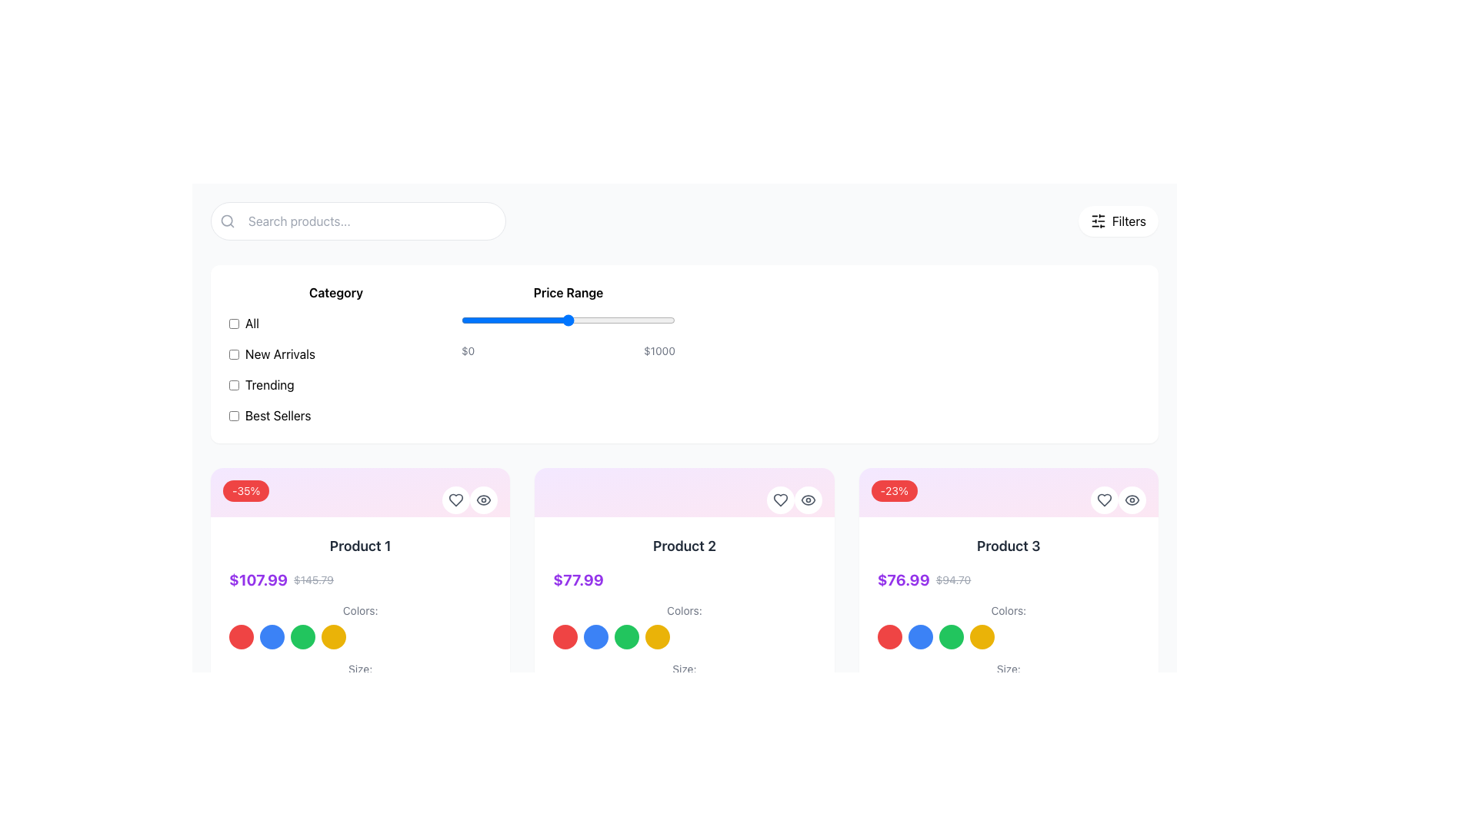 The height and width of the screenshot is (830, 1477). I want to click on the text label displaying 'Colors:' which is located above the circular color swatches in the second product card, so click(683, 609).